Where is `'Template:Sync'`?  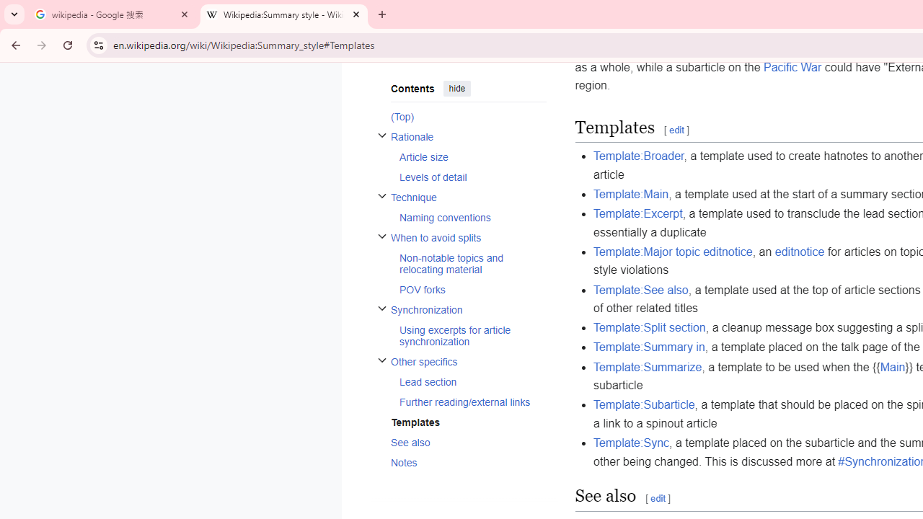
'Template:Sync' is located at coordinates (632, 443).